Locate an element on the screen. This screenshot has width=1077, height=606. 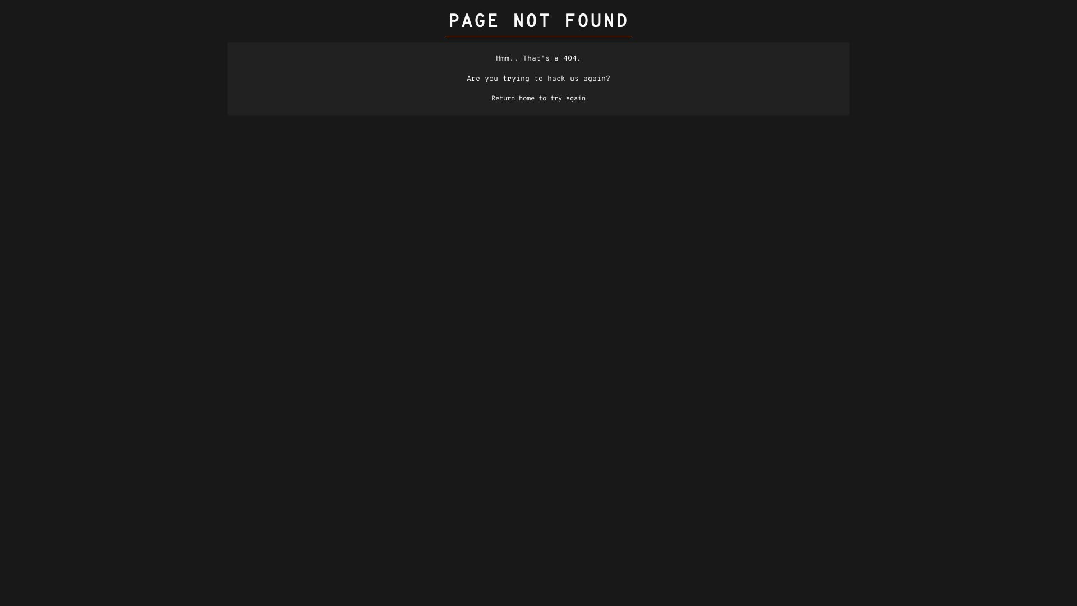
'Return home to try again' is located at coordinates (538, 98).